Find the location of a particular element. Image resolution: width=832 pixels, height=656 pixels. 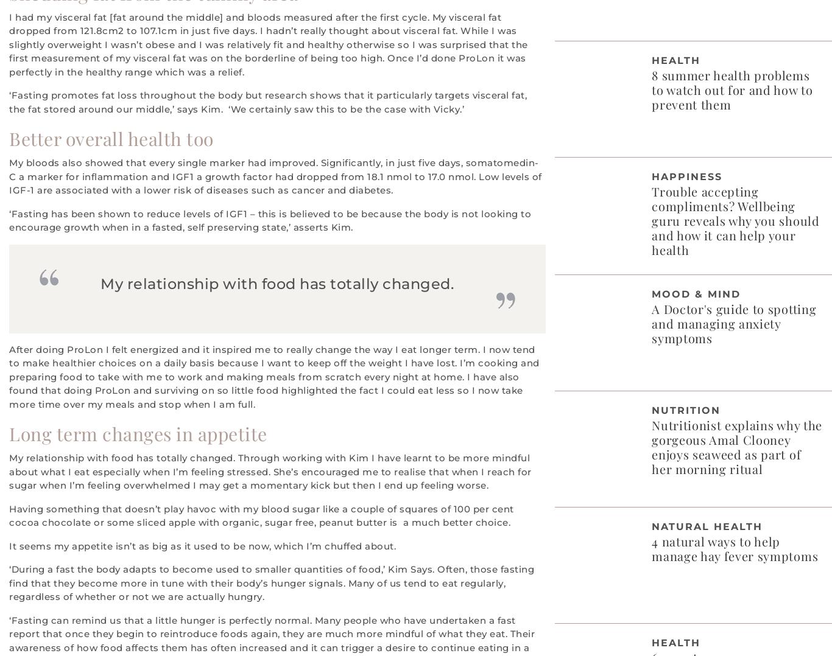

'‘Fasting promotes fat loss throughout the body but research shows that it particularly targets visceral fat, the fat stored around our middle,’ says Kim.  ‘We certainly saw this to be the case with Vicky.’' is located at coordinates (267, 101).